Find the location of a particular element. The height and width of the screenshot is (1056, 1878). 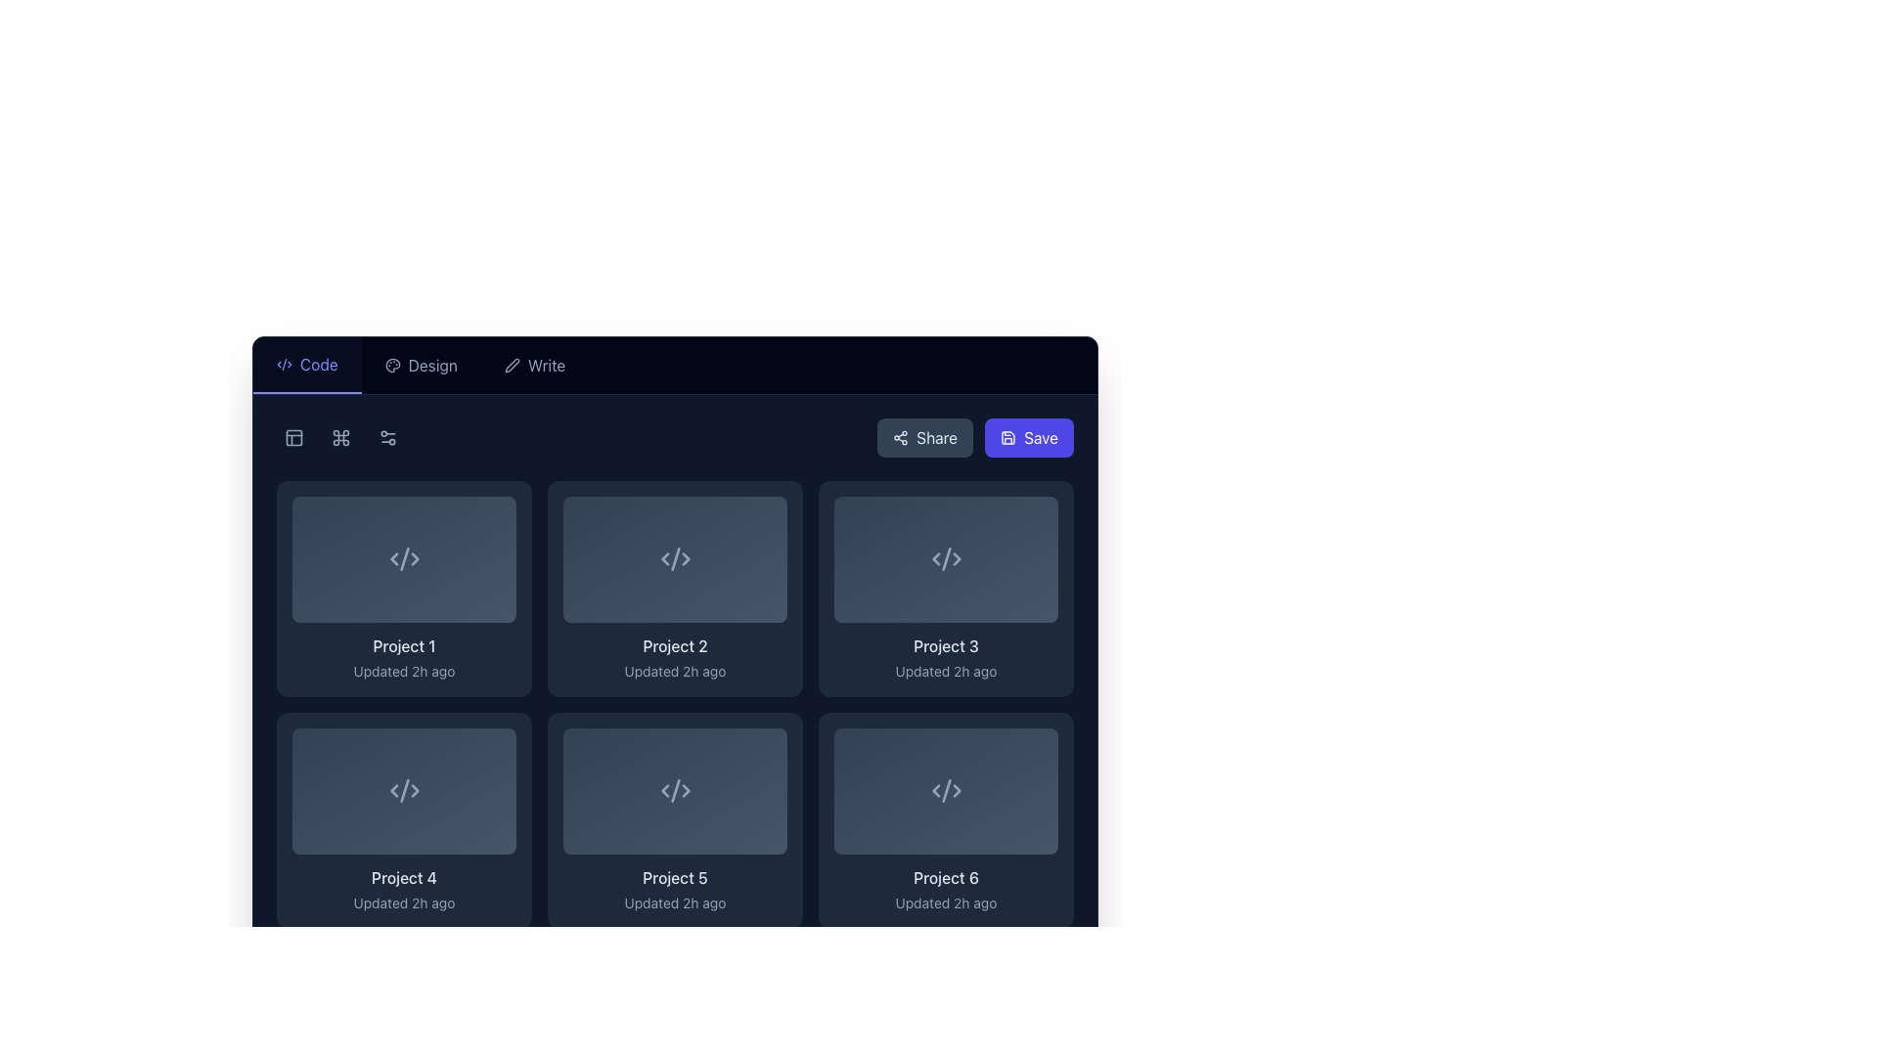

the settings or filter icon located in the top row of the sidebar, second from the left is located at coordinates (388, 436).